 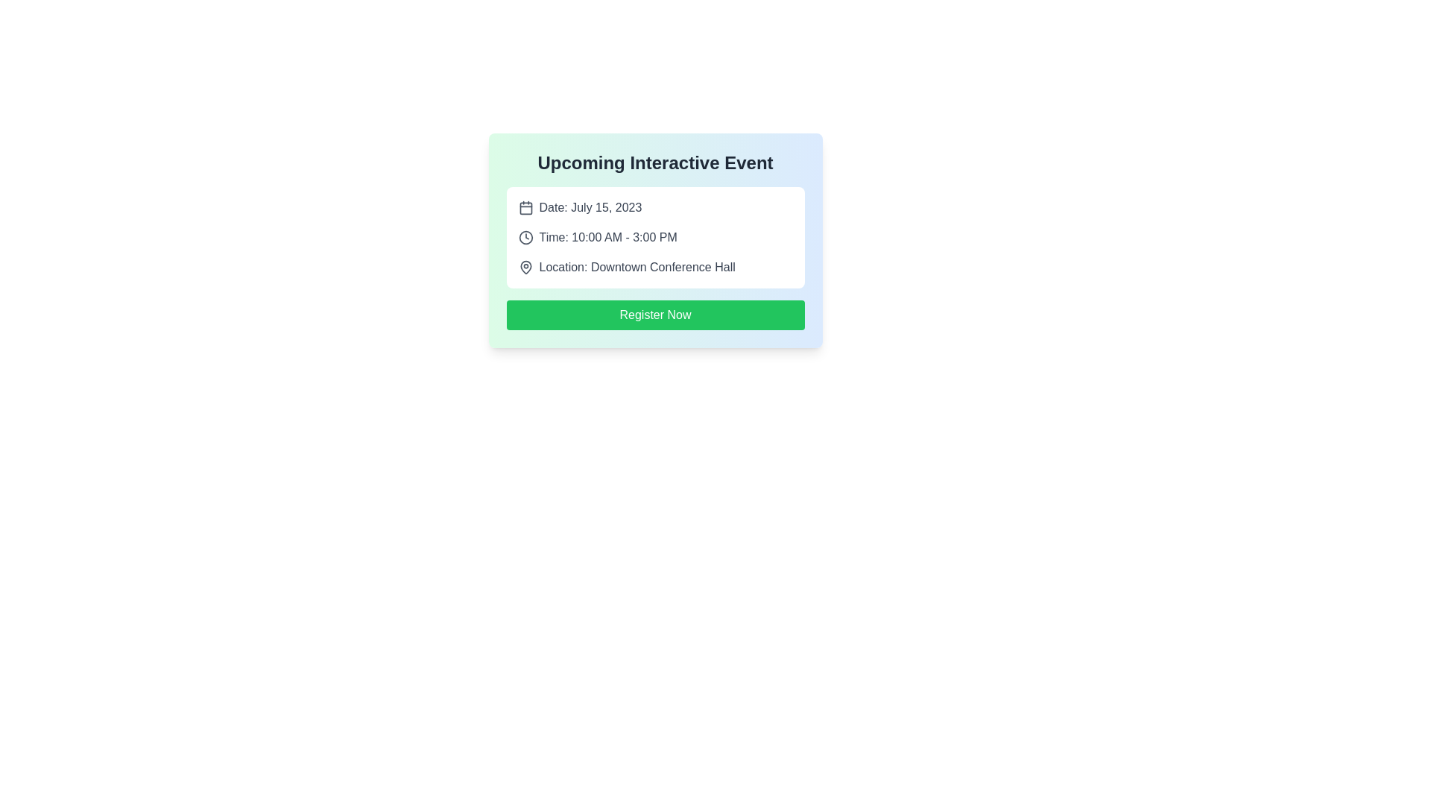 I want to click on the calendar icon, which is a gray square outline with internal calendar design elements, located adjacent to the text 'Date: July 15, 2023', so click(x=525, y=207).